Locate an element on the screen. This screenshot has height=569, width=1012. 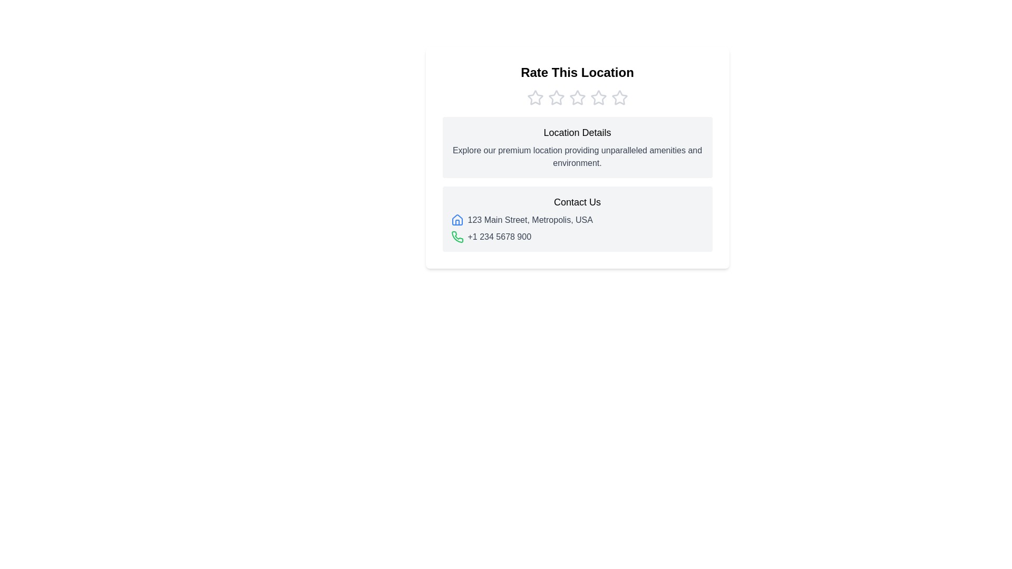
a star icon in the Rating component below the 'Rate This Location' heading is located at coordinates (577, 97).